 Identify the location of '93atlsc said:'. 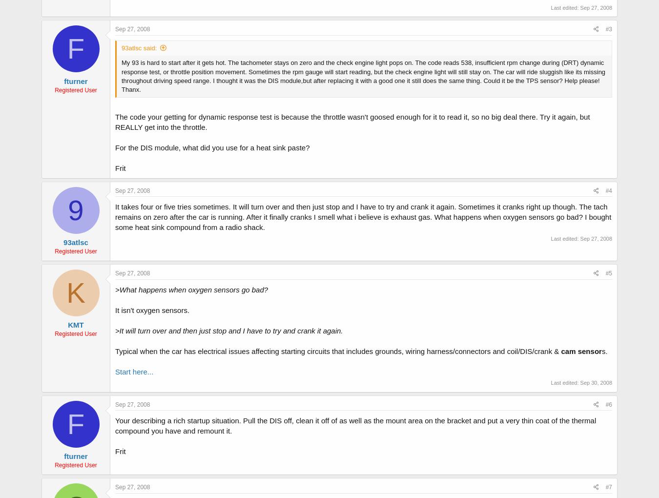
(138, 47).